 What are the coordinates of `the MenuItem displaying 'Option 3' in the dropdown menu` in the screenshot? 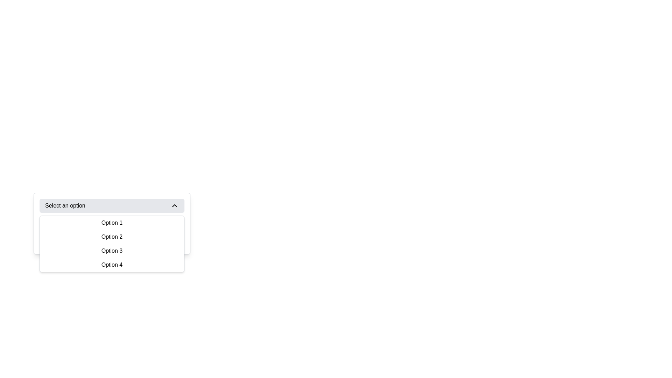 It's located at (112, 251).